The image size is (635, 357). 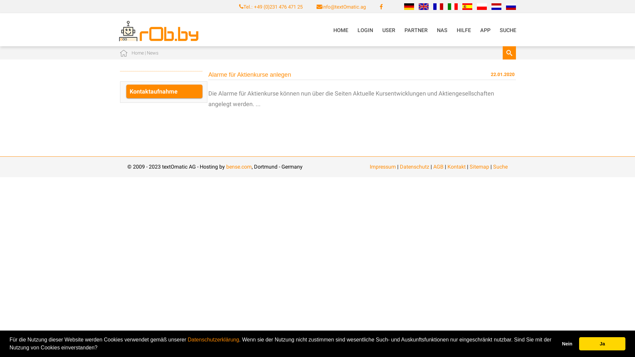 What do you see at coordinates (414, 166) in the screenshot?
I see `'Datenschutz'` at bounding box center [414, 166].